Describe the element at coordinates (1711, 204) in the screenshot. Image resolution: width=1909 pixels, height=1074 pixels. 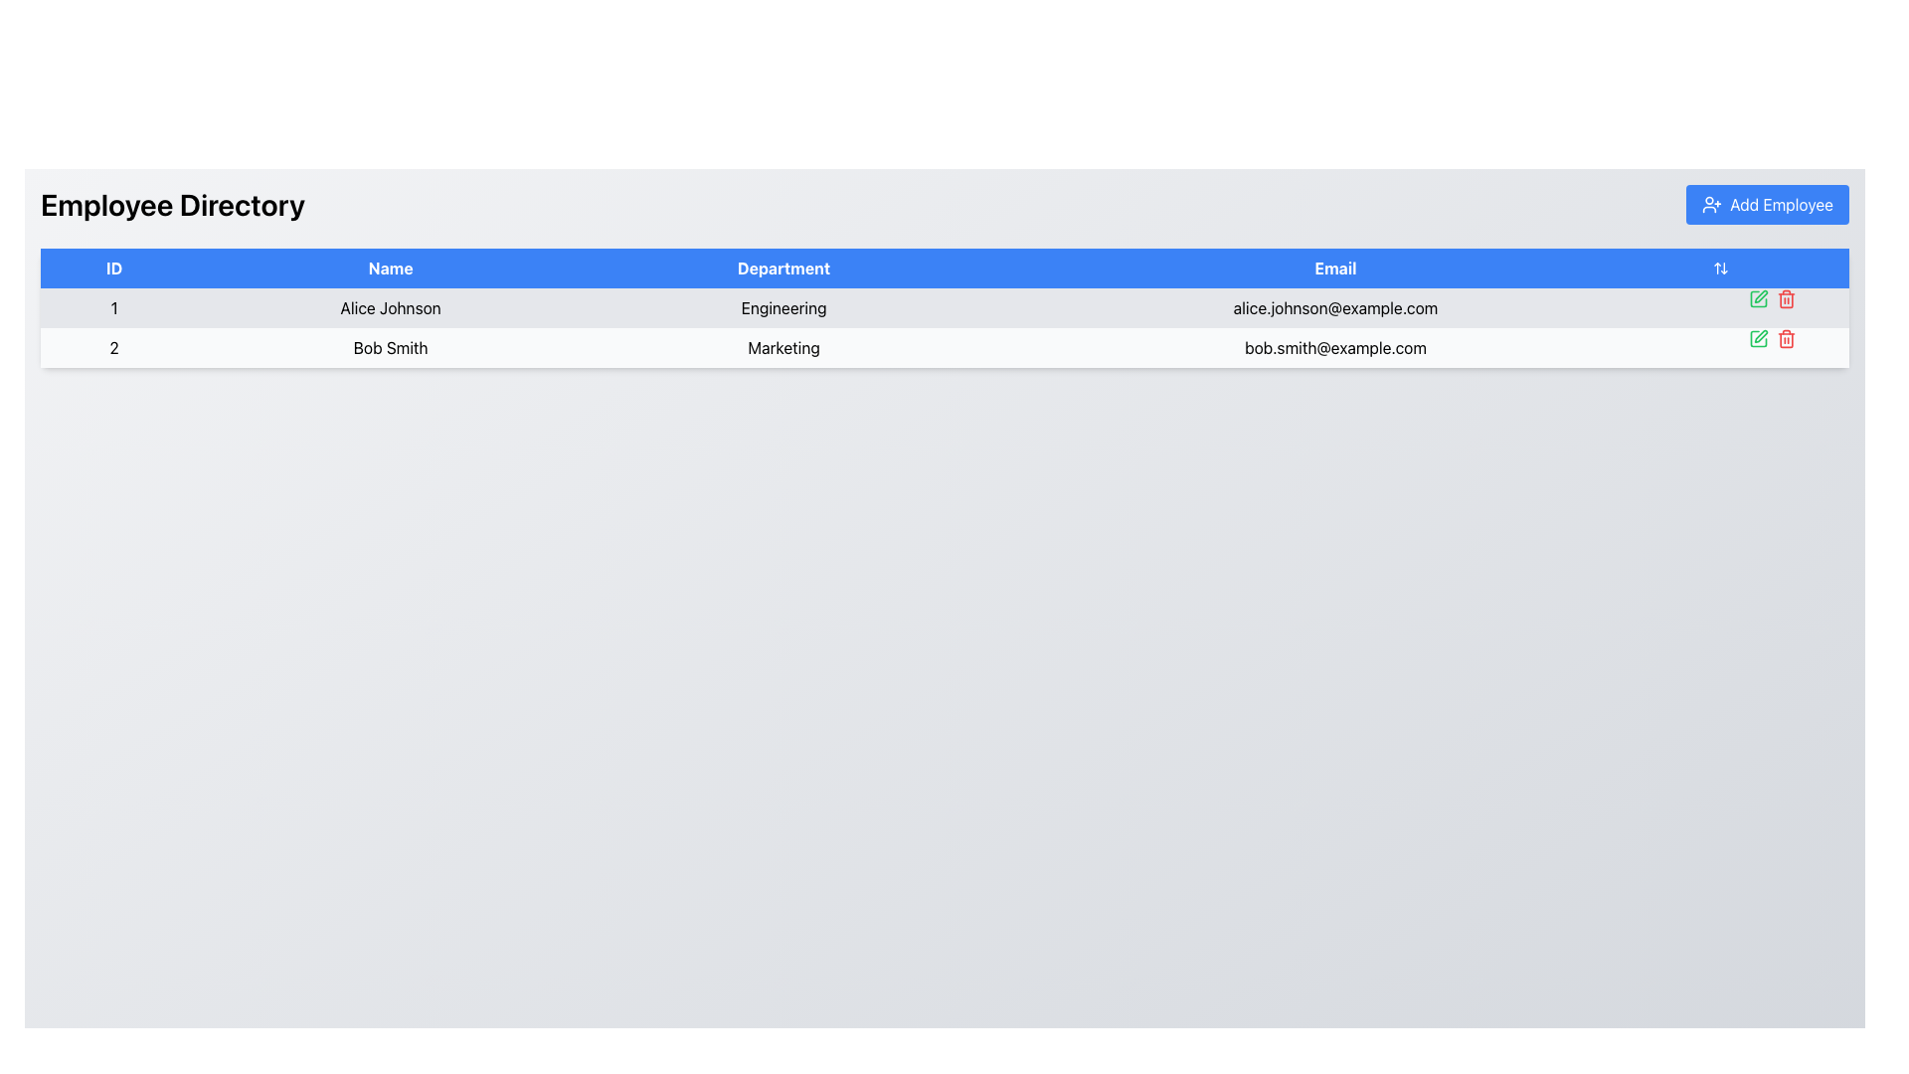
I see `the 'Add Employee' button located at the top-right corner of the interface, which contains an icon styled as a user figure with a plus sign` at that location.